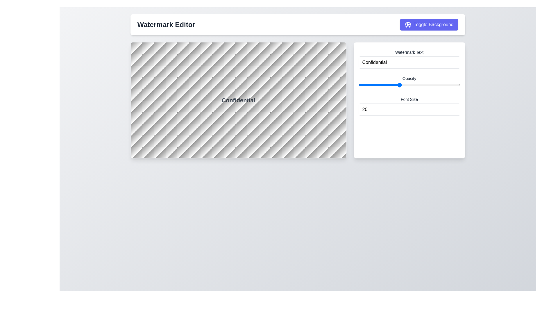 Image resolution: width=558 pixels, height=314 pixels. I want to click on the opacity value, so click(358, 85).